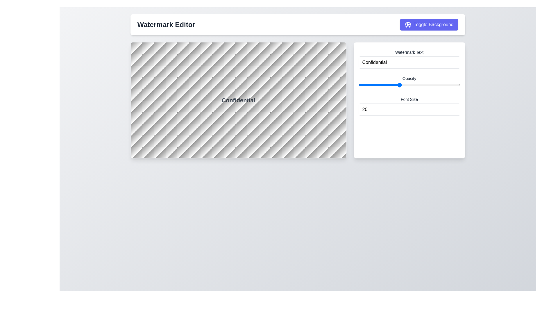 Image resolution: width=558 pixels, height=314 pixels. I want to click on the opacity value, so click(358, 85).